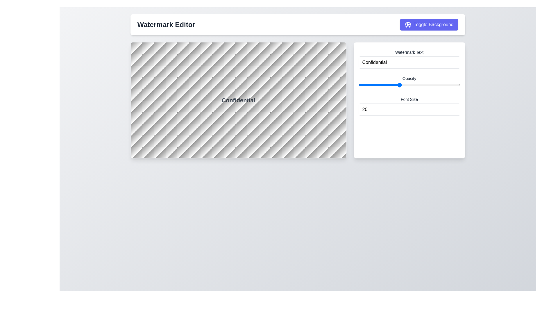 Image resolution: width=558 pixels, height=314 pixels. I want to click on the opacity value, so click(358, 85).